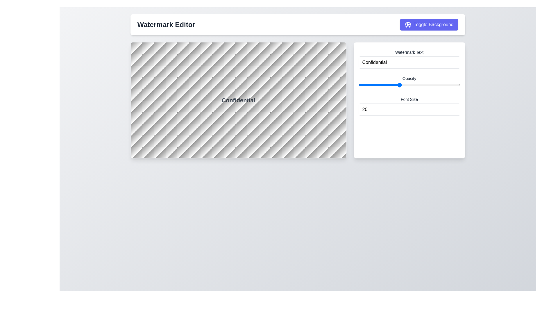 Image resolution: width=558 pixels, height=314 pixels. I want to click on the opacity value, so click(358, 85).